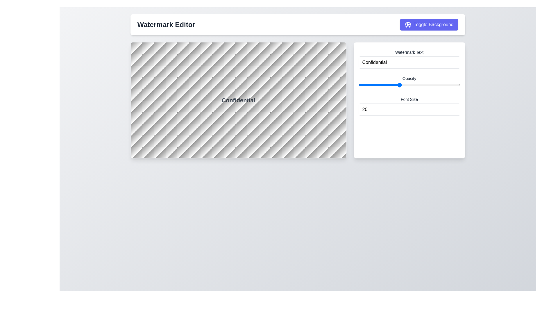 Image resolution: width=558 pixels, height=314 pixels. I want to click on the opacity value, so click(358, 85).